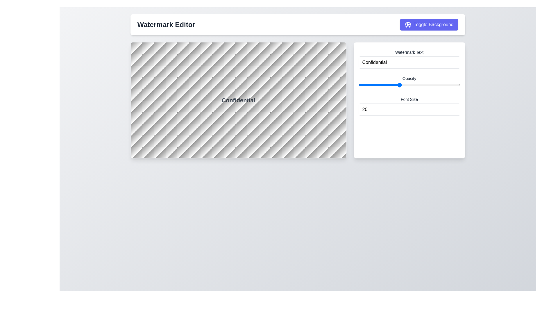 Image resolution: width=558 pixels, height=314 pixels. I want to click on the opacity value, so click(358, 85).